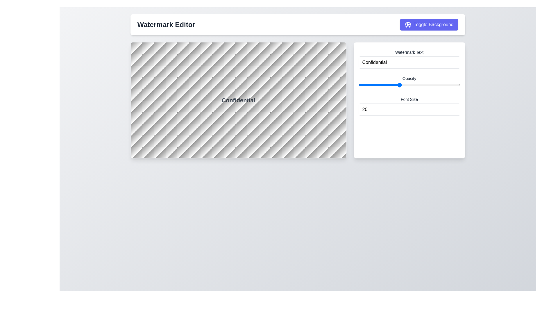 Image resolution: width=558 pixels, height=314 pixels. I want to click on the opacity value, so click(358, 85).